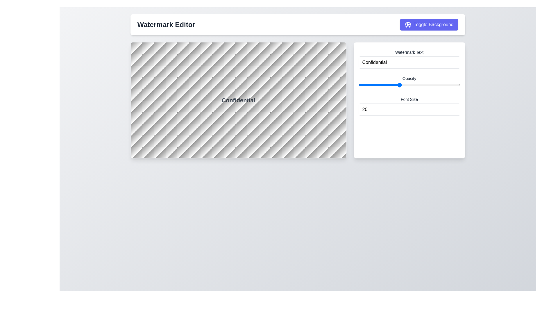 Image resolution: width=558 pixels, height=314 pixels. I want to click on the opacity value, so click(358, 85).